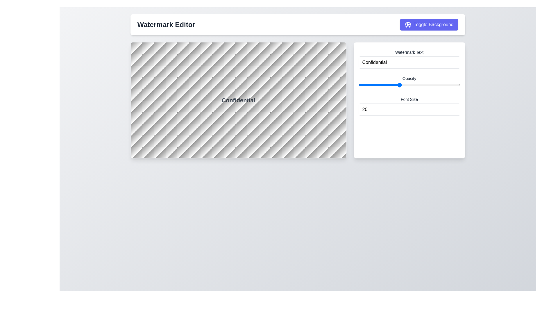 Image resolution: width=558 pixels, height=314 pixels. I want to click on the opacity value, so click(358, 85).